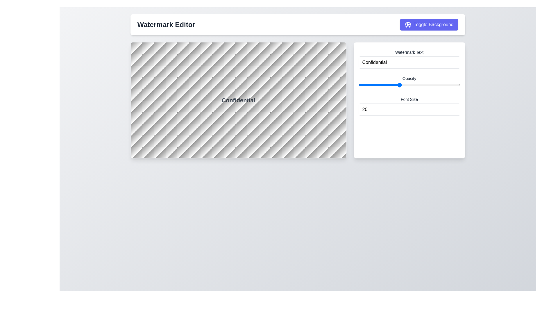 Image resolution: width=558 pixels, height=314 pixels. I want to click on the opacity value, so click(358, 85).